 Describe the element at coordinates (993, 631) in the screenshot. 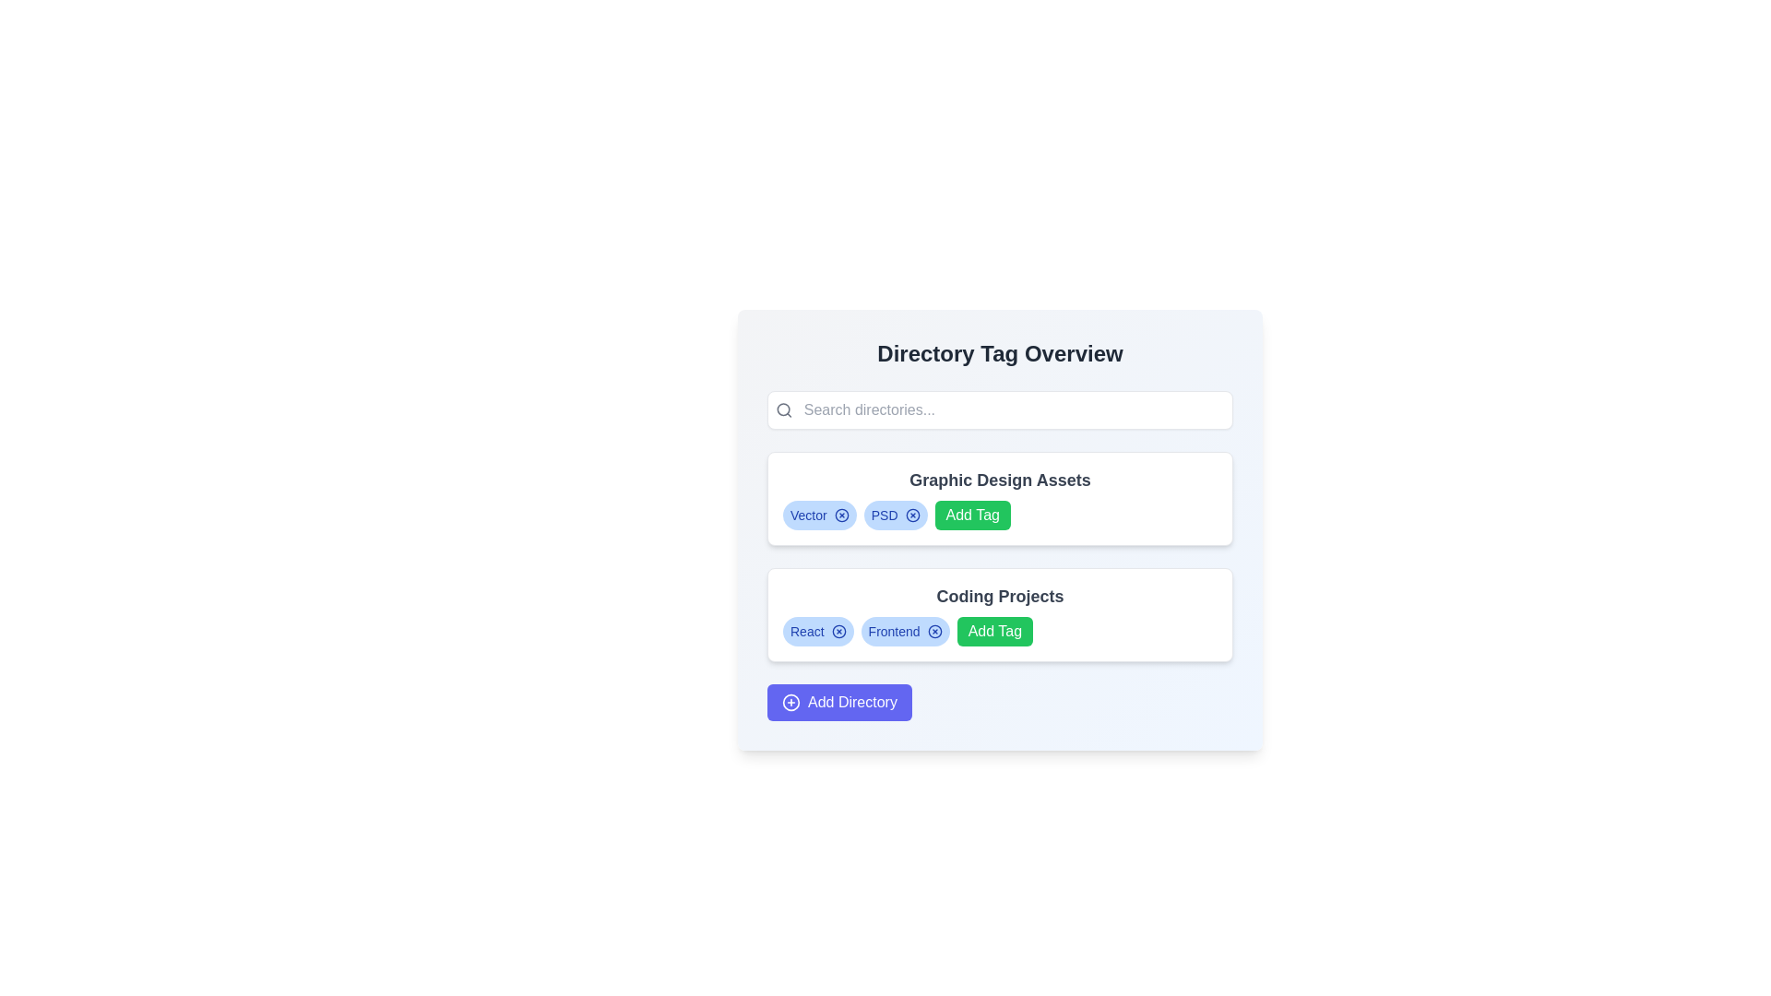

I see `the 'Add Tag' button, which has a green background and white text` at that location.